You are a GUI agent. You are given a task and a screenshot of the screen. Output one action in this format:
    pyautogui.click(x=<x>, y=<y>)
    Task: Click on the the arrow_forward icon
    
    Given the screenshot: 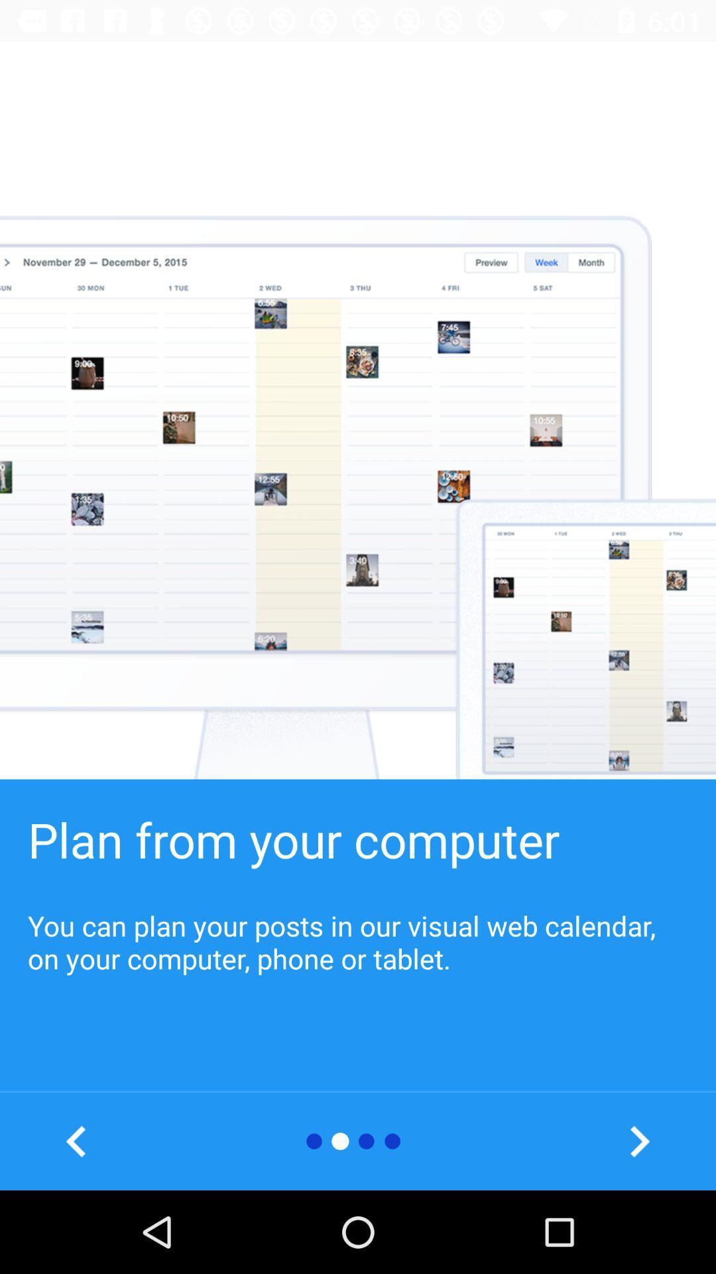 What is the action you would take?
    pyautogui.click(x=638, y=1141)
    